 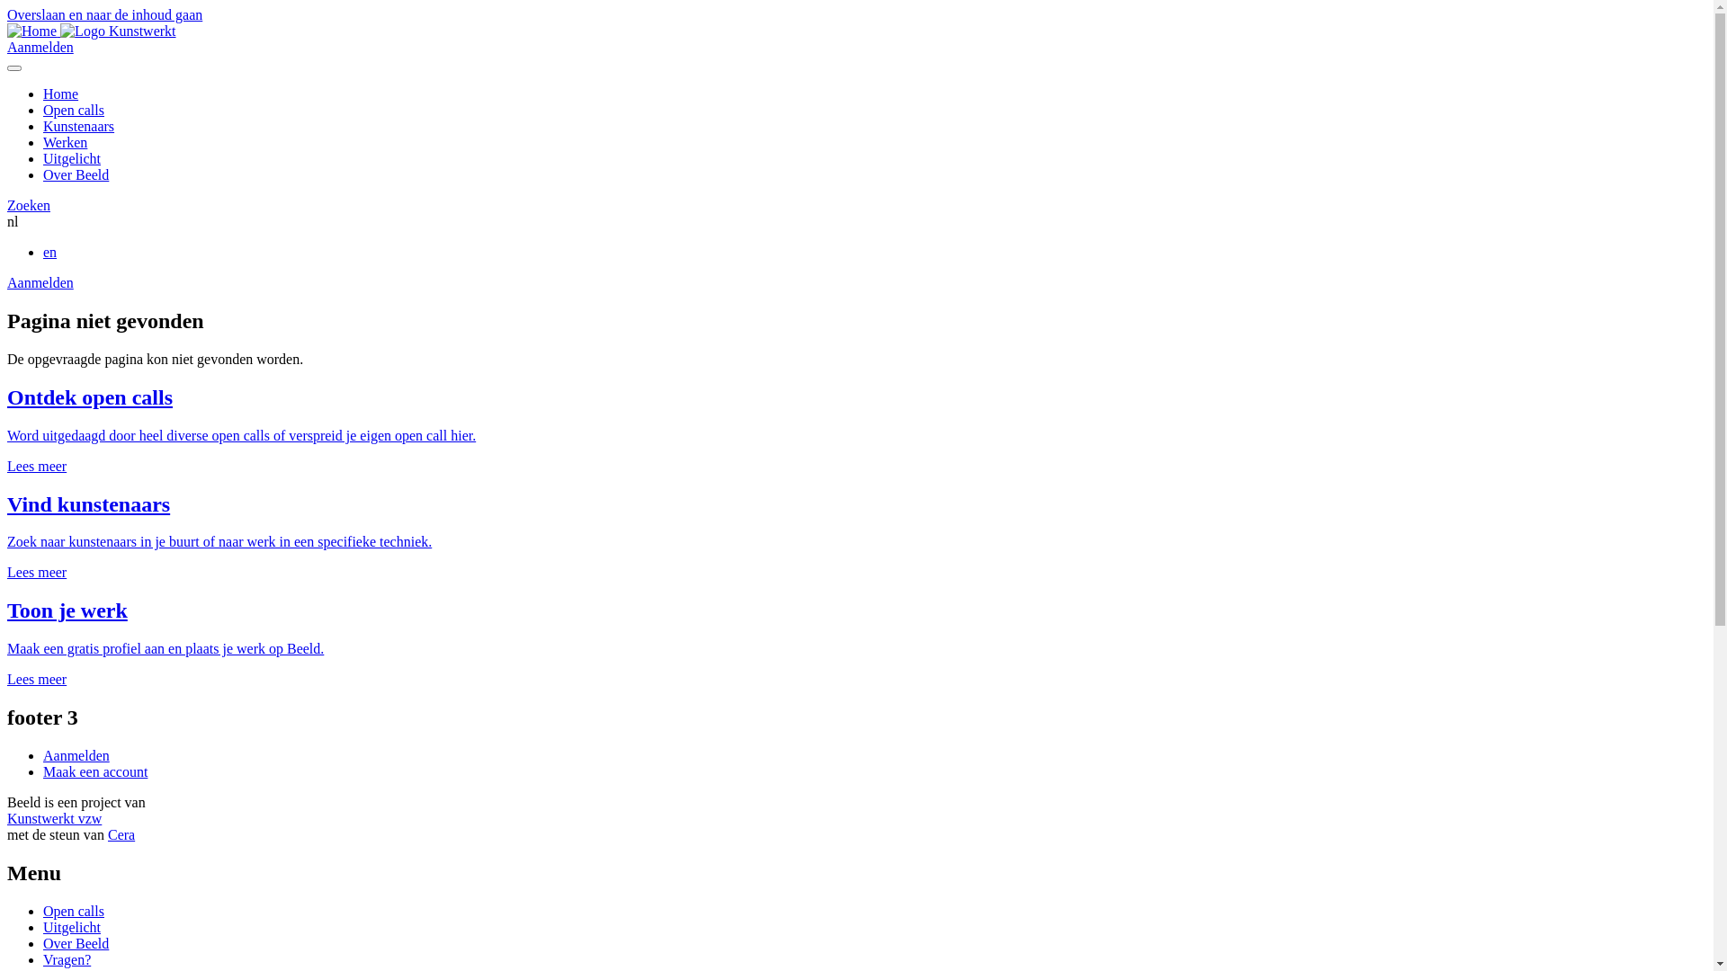 I want to click on 'Open calls', so click(x=72, y=110).